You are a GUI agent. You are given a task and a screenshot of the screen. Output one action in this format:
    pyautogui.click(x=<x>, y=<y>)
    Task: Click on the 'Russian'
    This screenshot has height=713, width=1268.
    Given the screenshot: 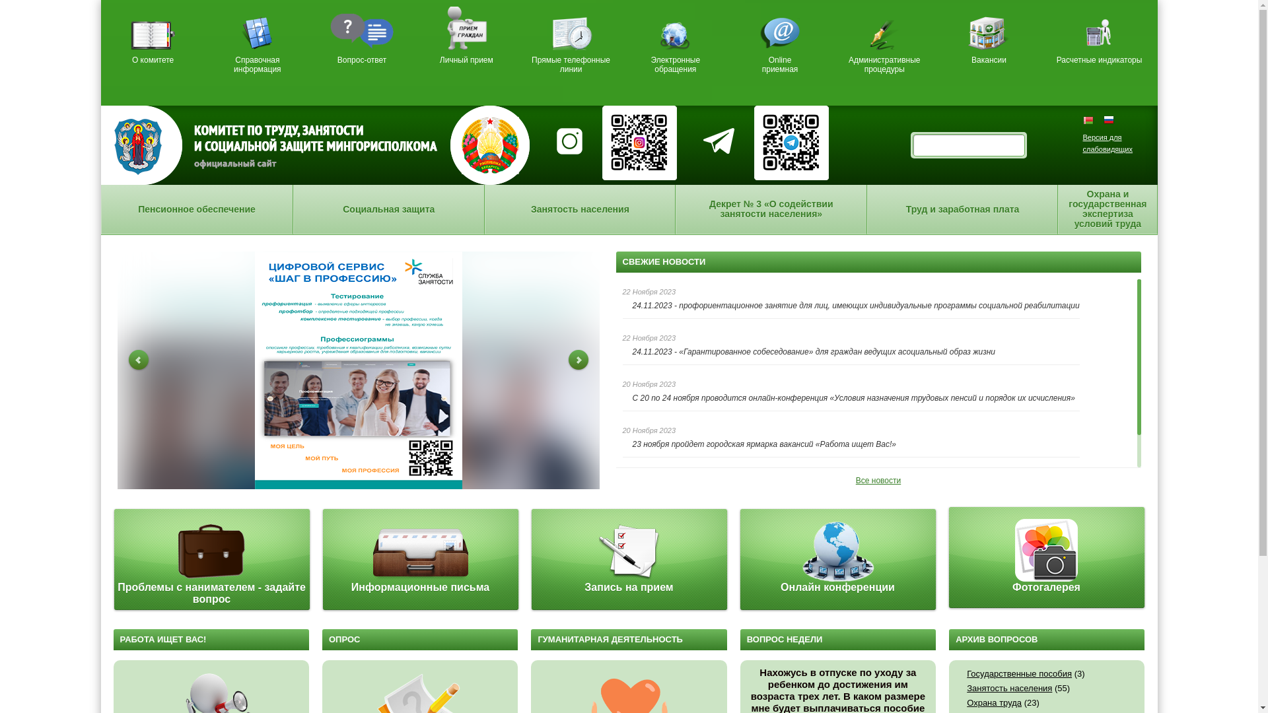 What is the action you would take?
    pyautogui.click(x=1103, y=119)
    